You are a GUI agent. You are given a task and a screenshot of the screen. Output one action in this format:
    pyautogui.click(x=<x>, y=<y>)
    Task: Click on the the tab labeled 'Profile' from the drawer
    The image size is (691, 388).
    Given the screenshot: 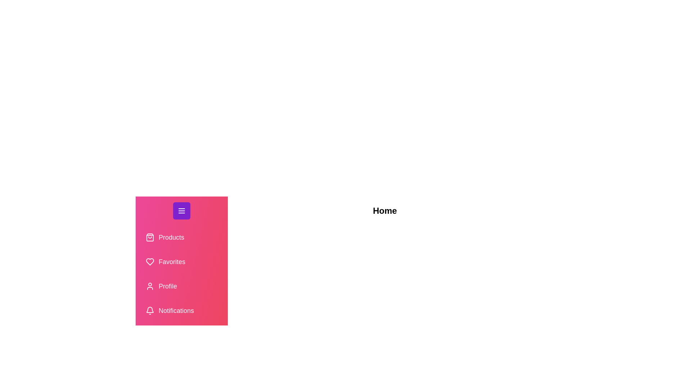 What is the action you would take?
    pyautogui.click(x=181, y=286)
    